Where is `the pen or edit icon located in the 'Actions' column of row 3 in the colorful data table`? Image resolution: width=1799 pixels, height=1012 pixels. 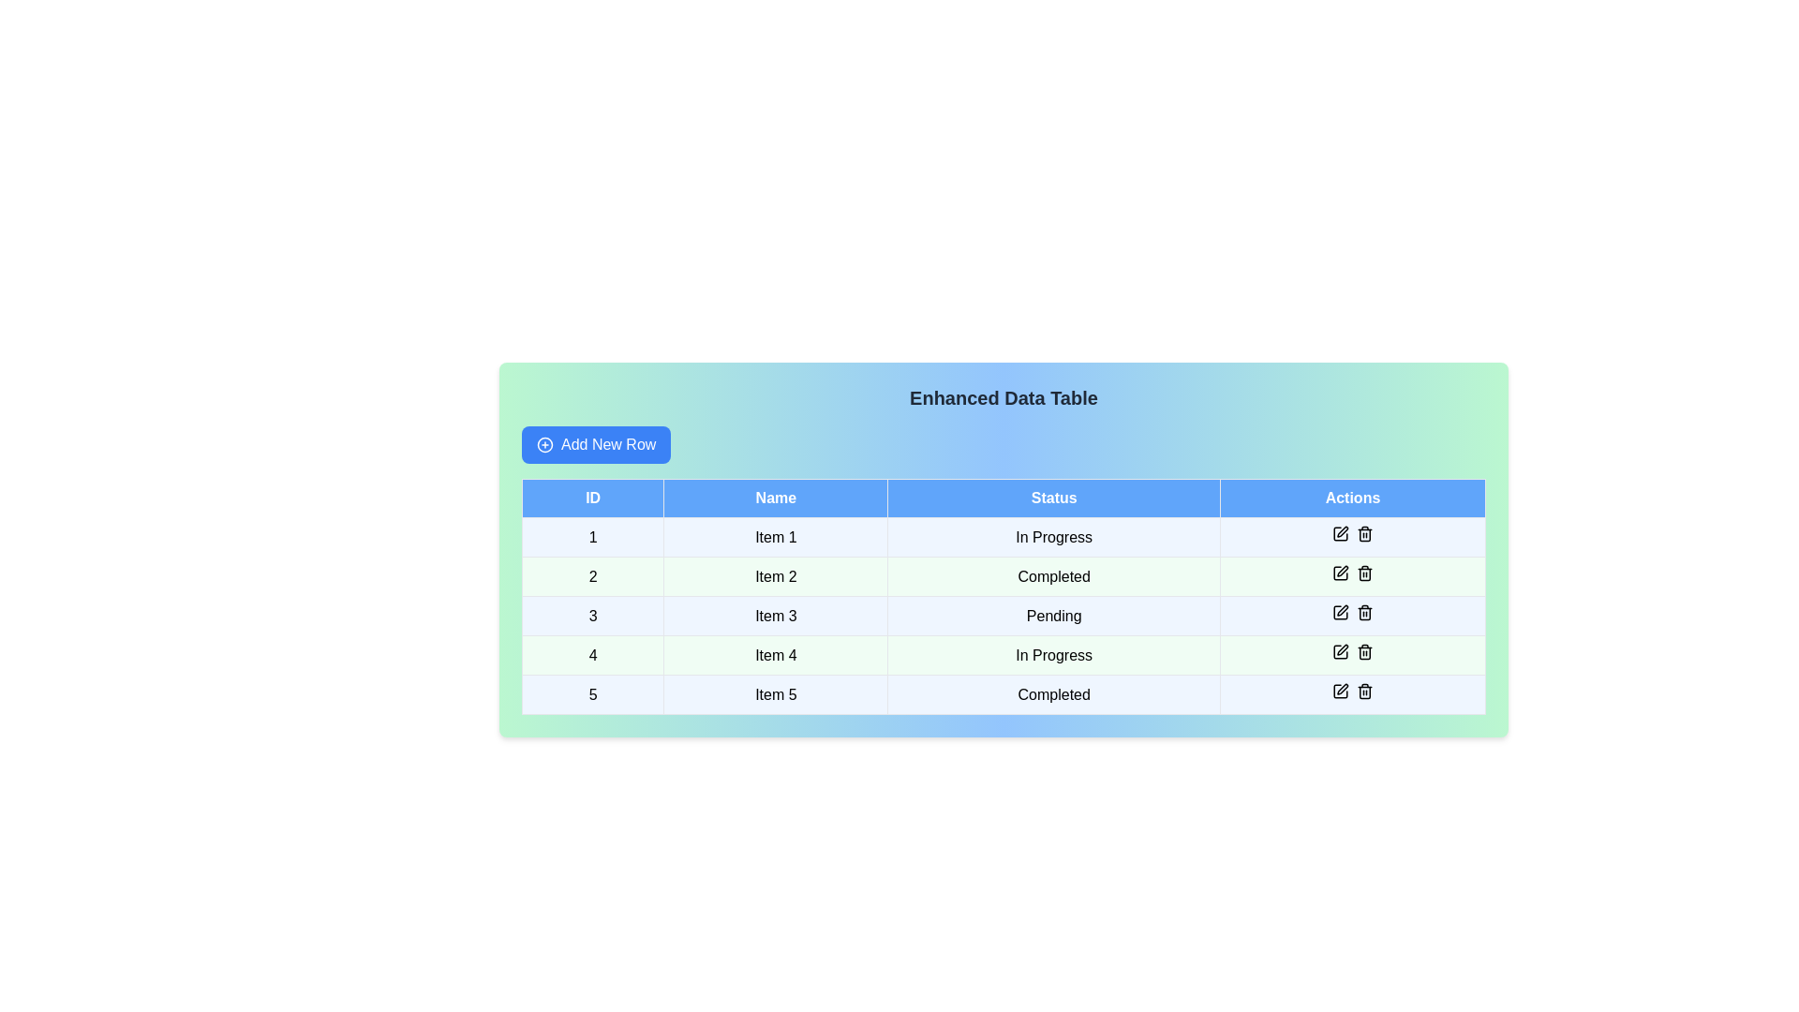 the pen or edit icon located in the 'Actions' column of row 3 in the colorful data table is located at coordinates (1342, 610).